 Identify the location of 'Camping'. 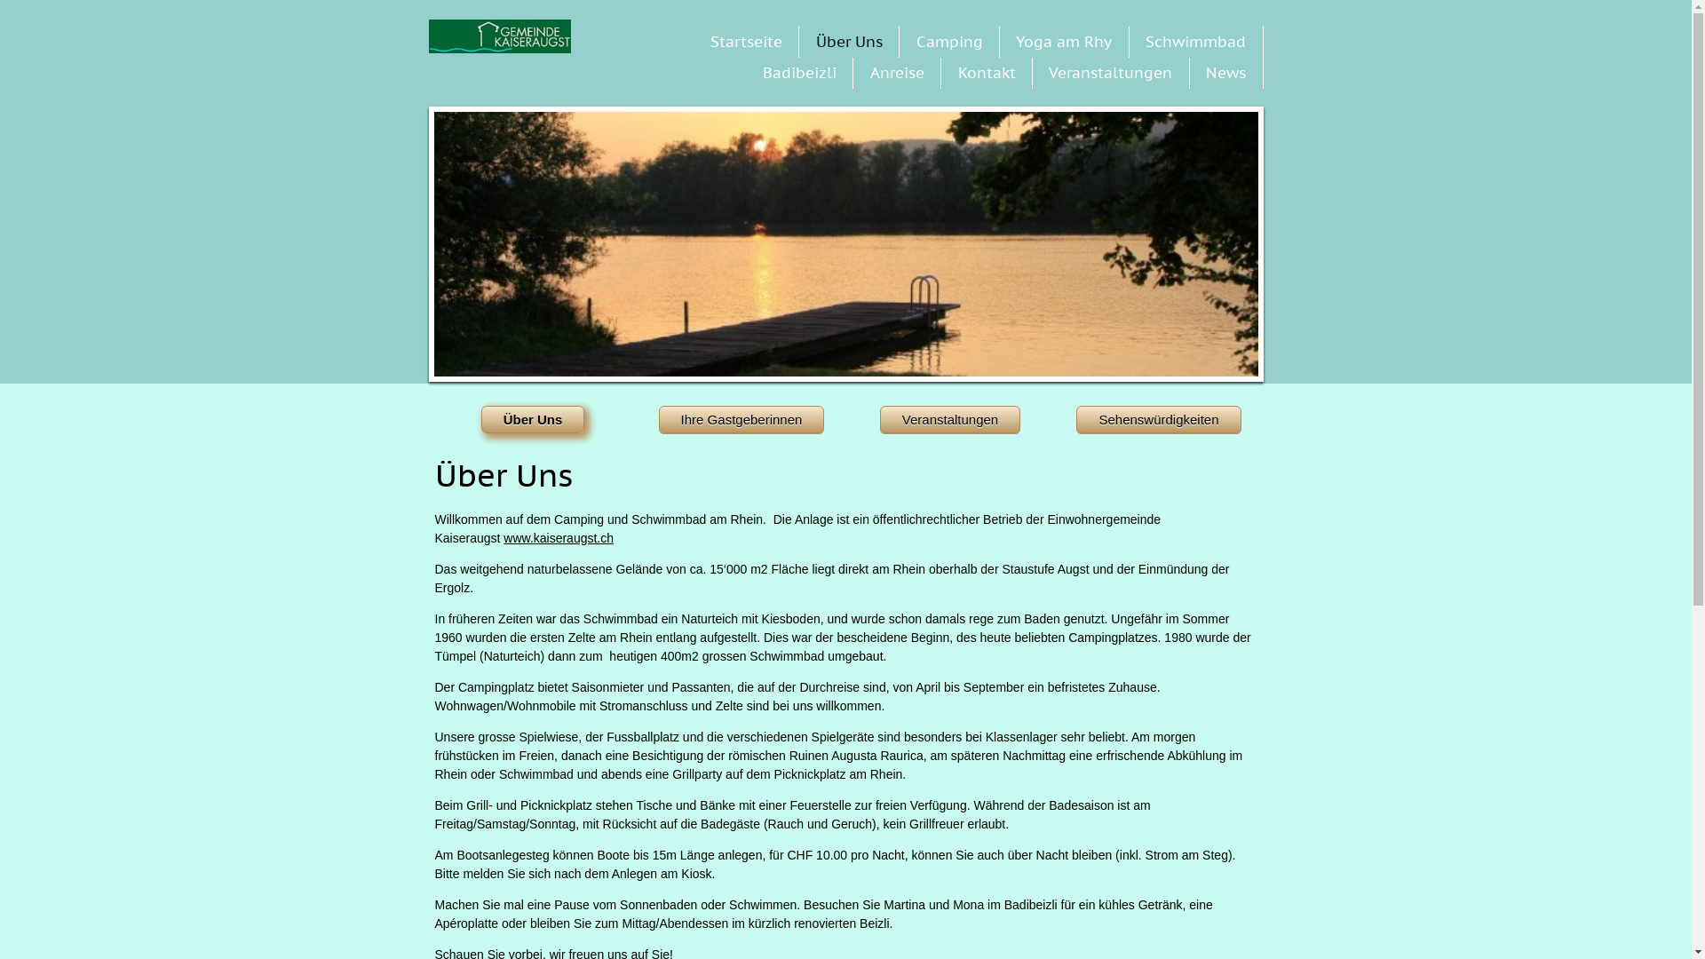
(948, 40).